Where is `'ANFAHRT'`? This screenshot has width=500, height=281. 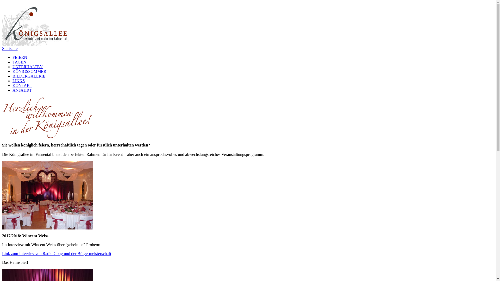 'ANFAHRT' is located at coordinates (12, 90).